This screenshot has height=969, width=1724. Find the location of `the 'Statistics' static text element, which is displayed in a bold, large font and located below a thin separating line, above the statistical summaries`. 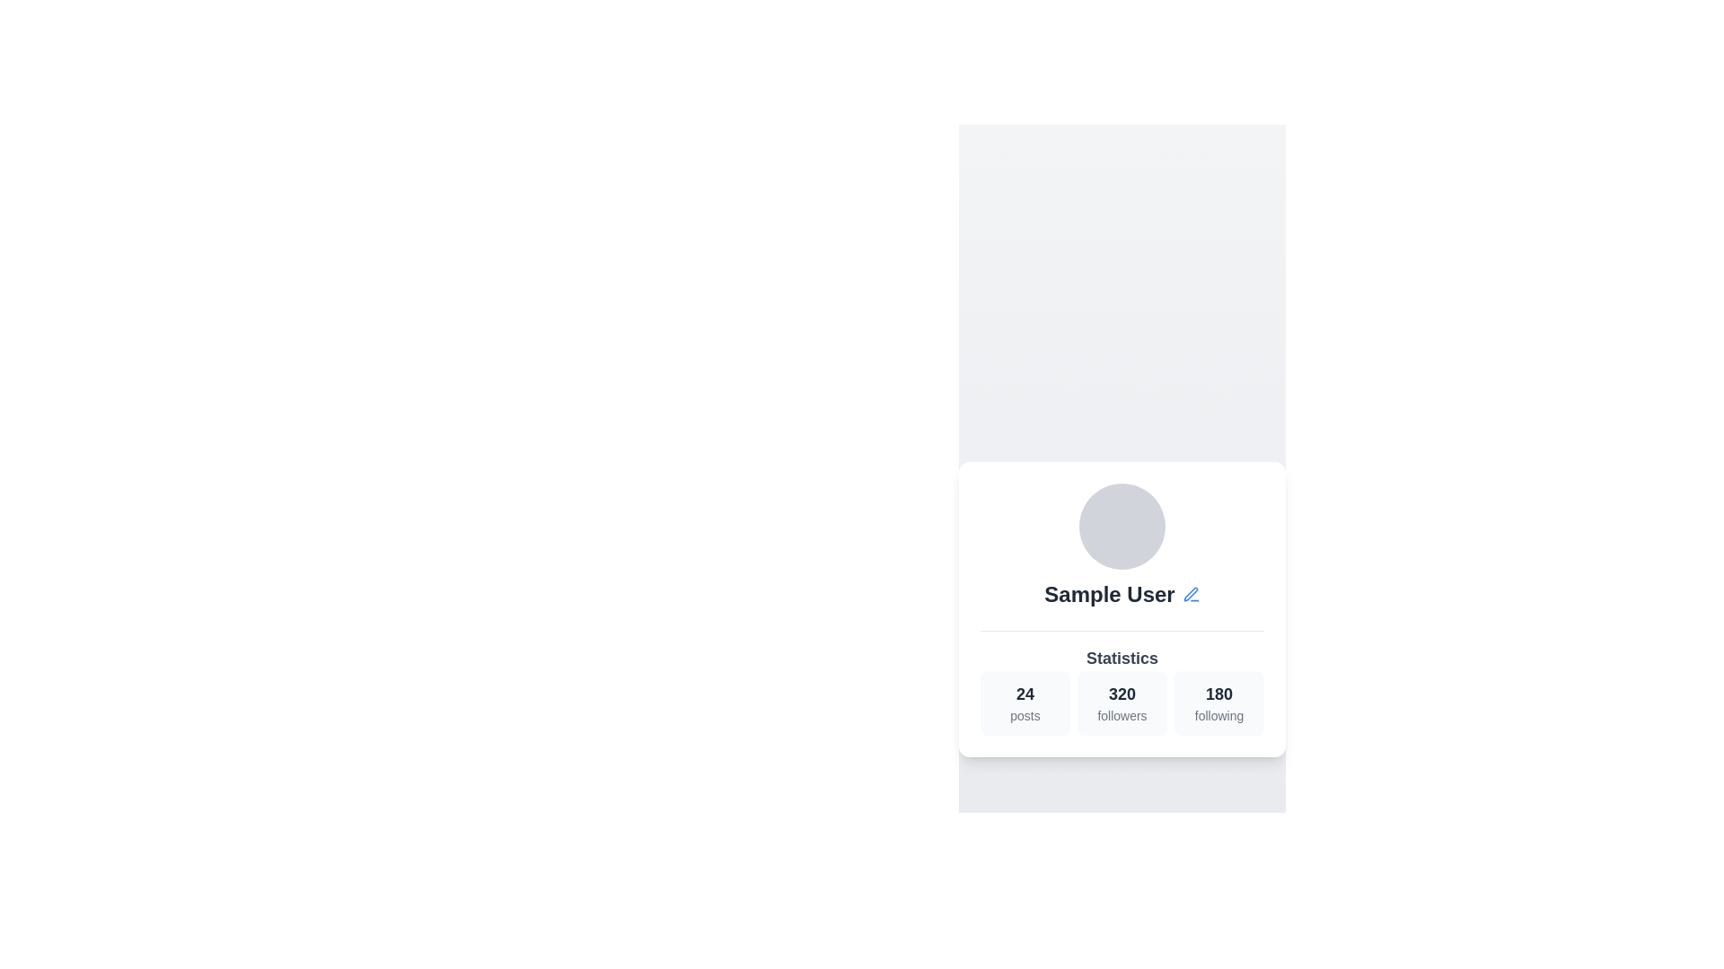

the 'Statistics' static text element, which is displayed in a bold, large font and located below a thin separating line, above the statistical summaries is located at coordinates (1121, 658).